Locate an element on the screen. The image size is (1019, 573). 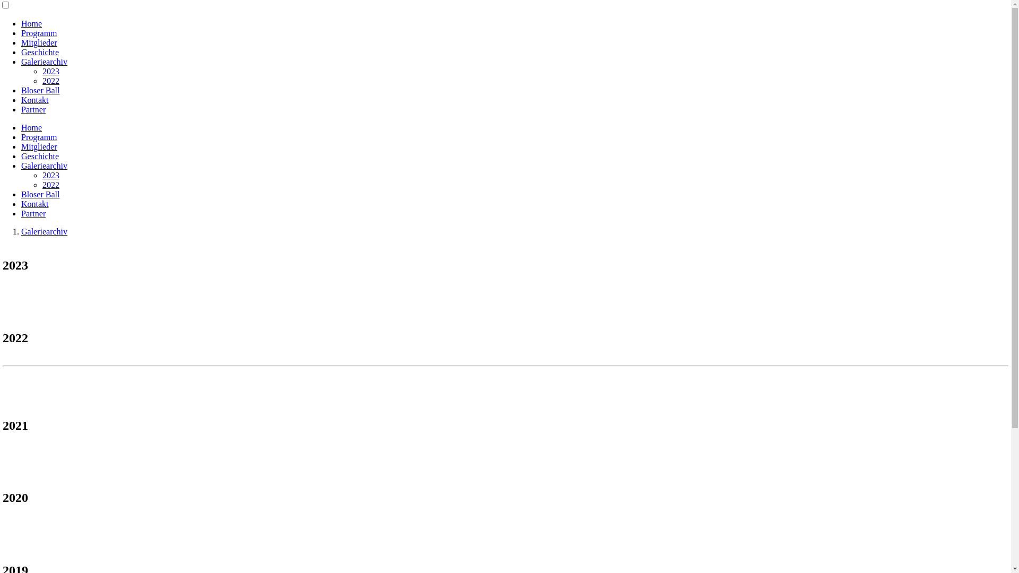
'Home' is located at coordinates (21, 23).